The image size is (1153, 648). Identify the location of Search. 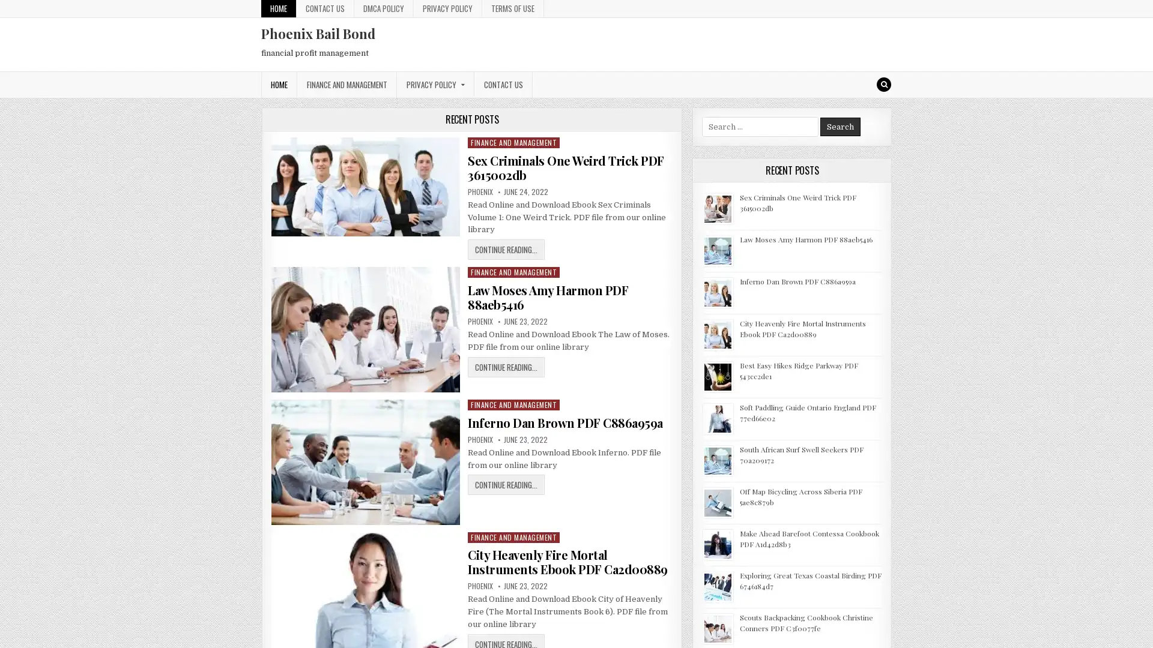
(840, 127).